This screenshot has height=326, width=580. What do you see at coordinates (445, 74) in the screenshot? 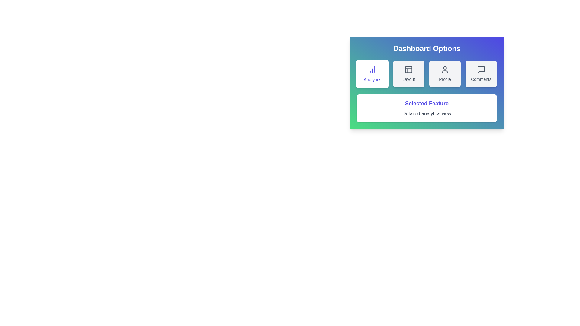
I see `the Profile button to select the respective dashboard option` at bounding box center [445, 74].